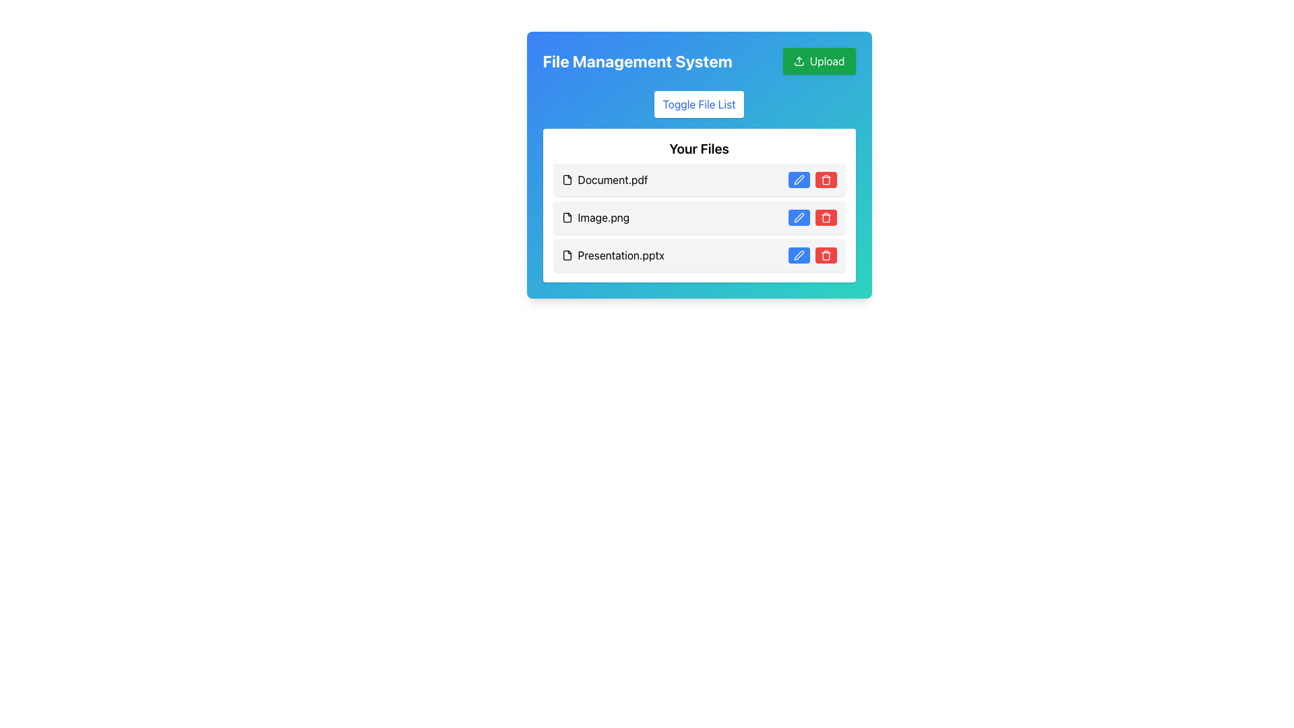  I want to click on the upload button which features an upload icon with an up arrow and 'Upload' text, located in the top-right corner of the interface, so click(799, 61).